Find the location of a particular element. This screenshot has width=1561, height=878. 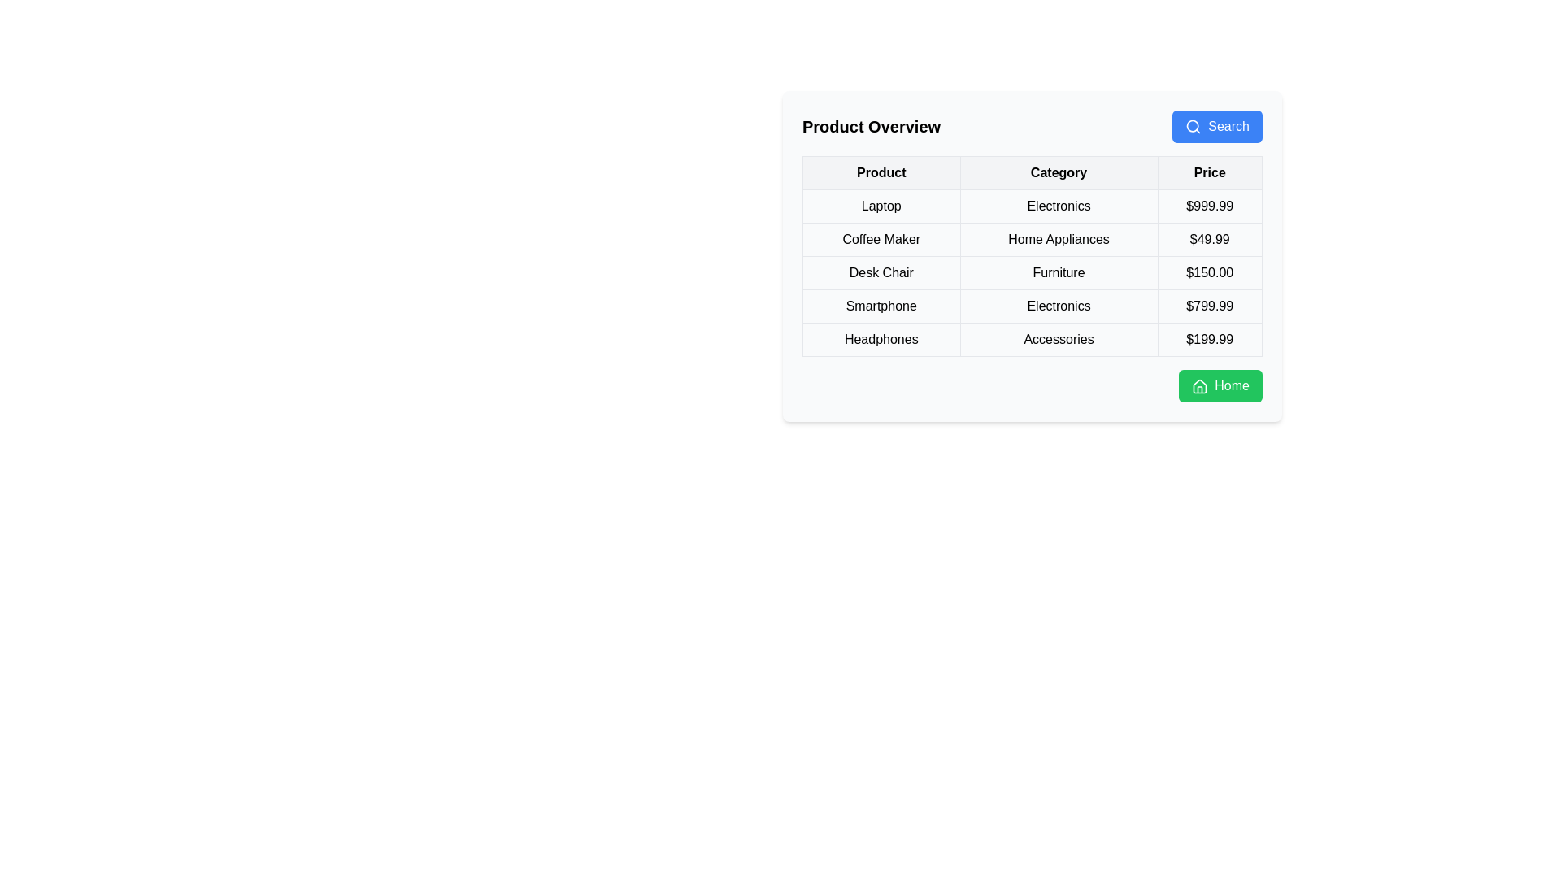

the blue 'Search' button with rounded corners and white text, located at the top-right corner of the 'Product Overview' card is located at coordinates (1217, 125).